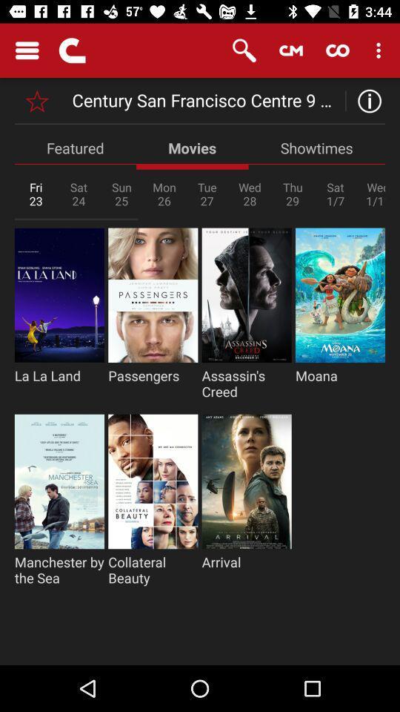  I want to click on the star icon, so click(37, 100).